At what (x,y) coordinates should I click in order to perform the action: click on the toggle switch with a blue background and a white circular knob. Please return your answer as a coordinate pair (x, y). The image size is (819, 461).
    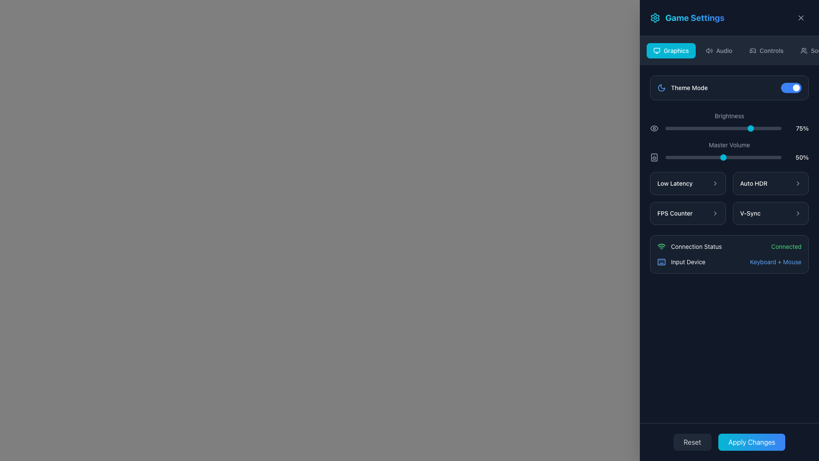
    Looking at the image, I should click on (790, 88).